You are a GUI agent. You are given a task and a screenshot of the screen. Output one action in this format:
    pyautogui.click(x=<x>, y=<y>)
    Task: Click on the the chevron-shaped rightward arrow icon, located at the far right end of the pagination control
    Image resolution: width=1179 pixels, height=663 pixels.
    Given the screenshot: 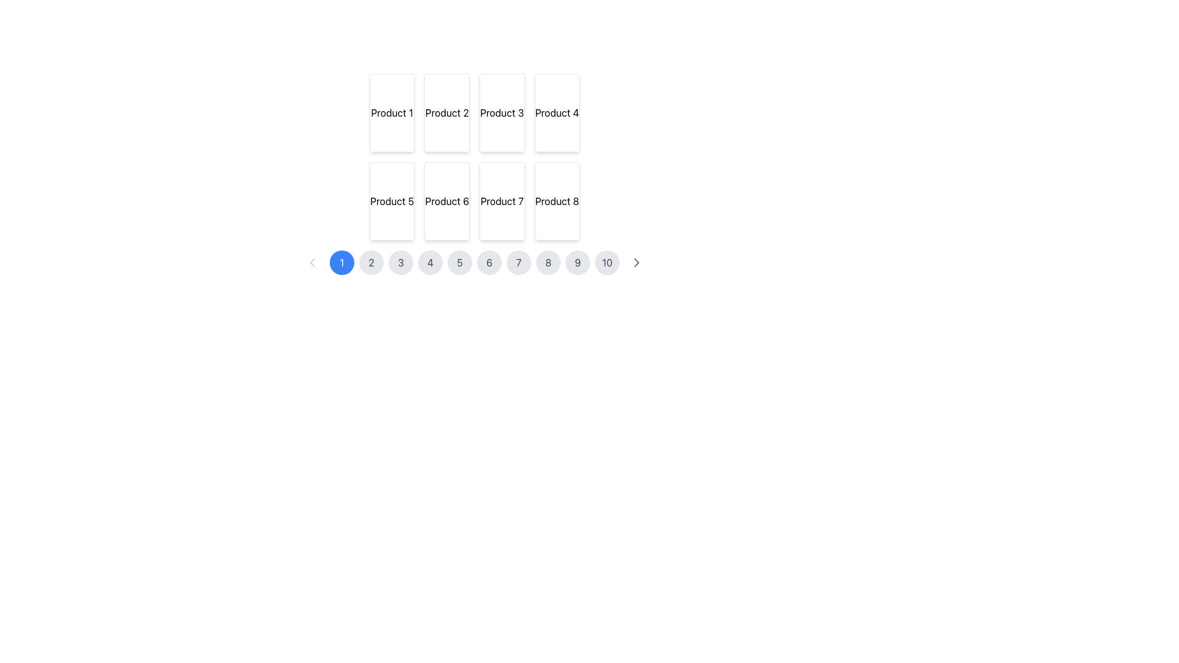 What is the action you would take?
    pyautogui.click(x=636, y=262)
    